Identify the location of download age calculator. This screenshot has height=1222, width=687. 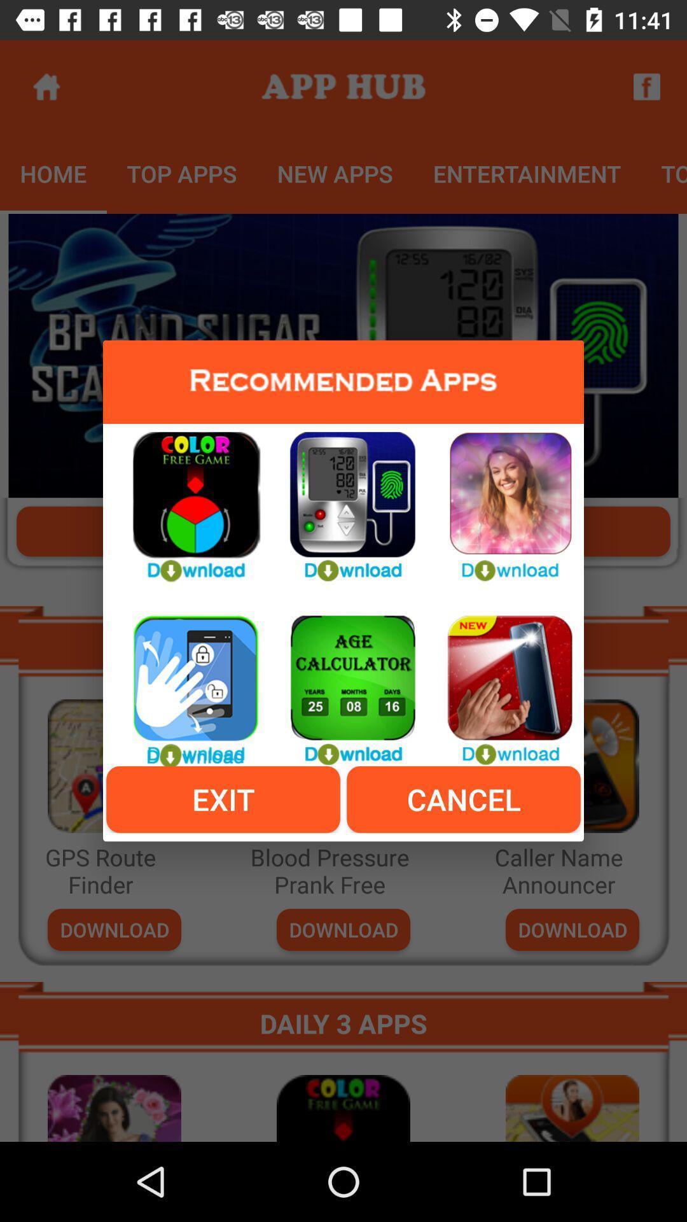
(343, 682).